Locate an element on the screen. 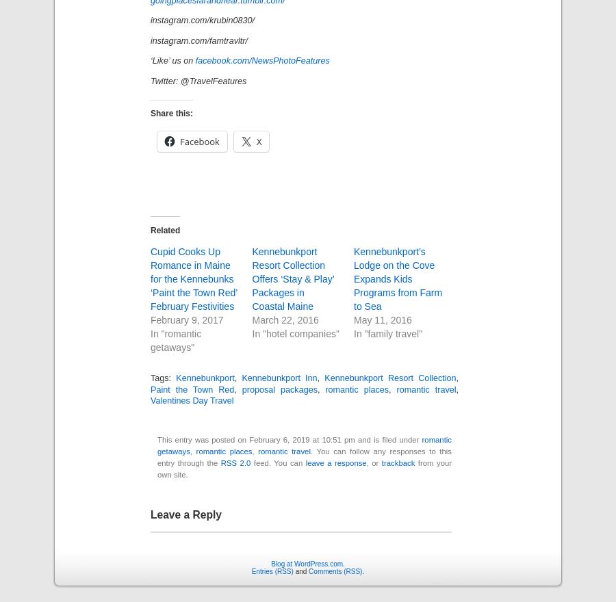  'This entry was posted on February 6, 2019 at 10:51 pm and is filed under' is located at coordinates (290, 440).